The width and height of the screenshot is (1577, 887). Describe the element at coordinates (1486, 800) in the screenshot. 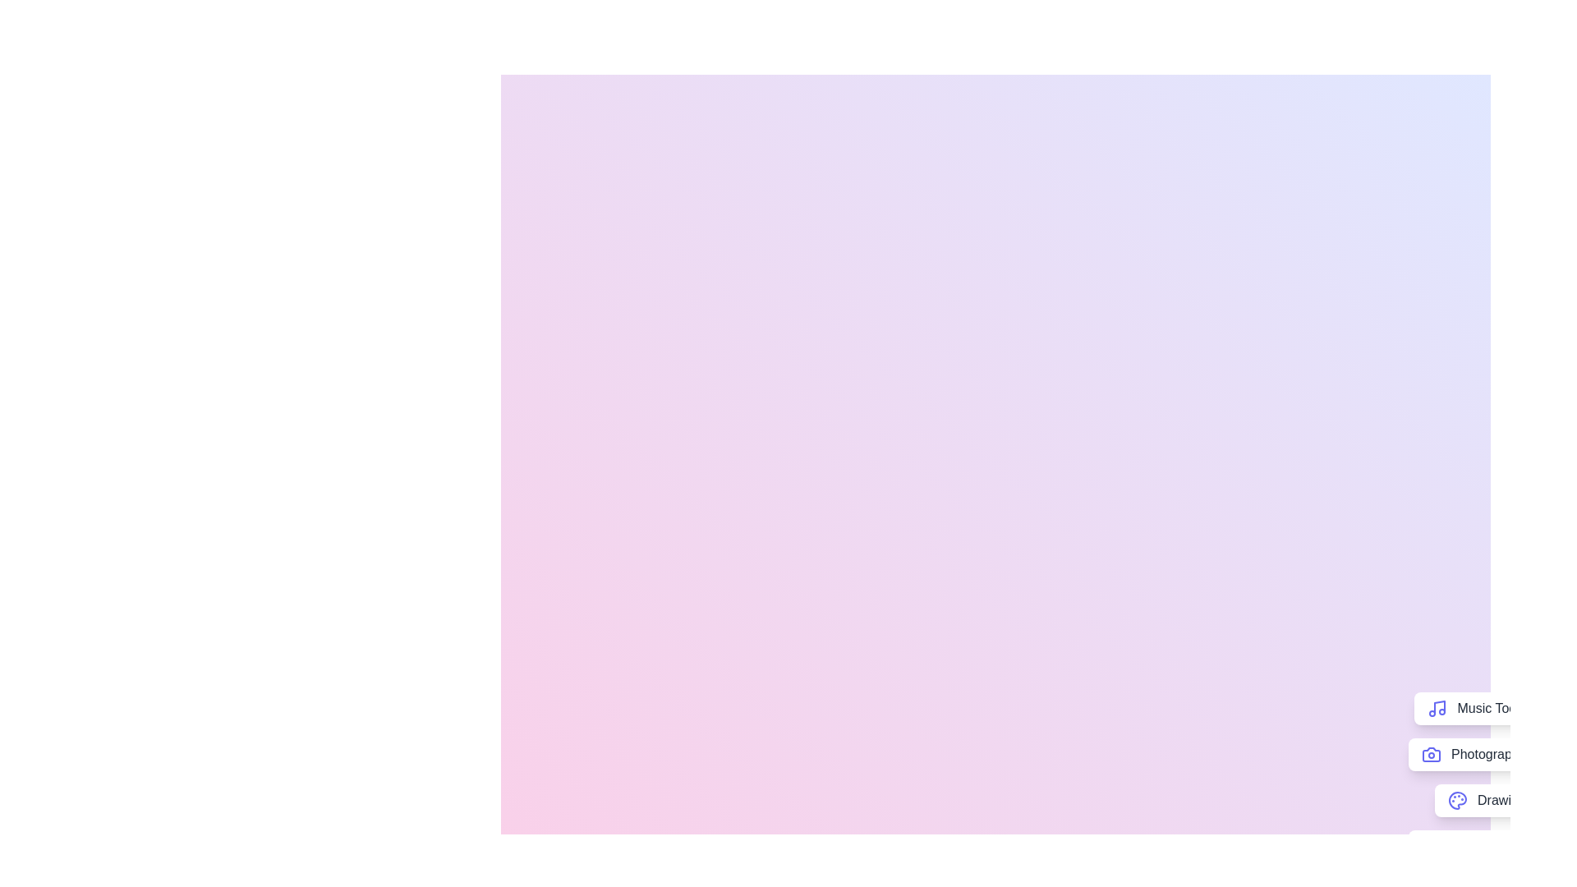

I see `the 'Drawing' button to access drawing-related tools` at that location.